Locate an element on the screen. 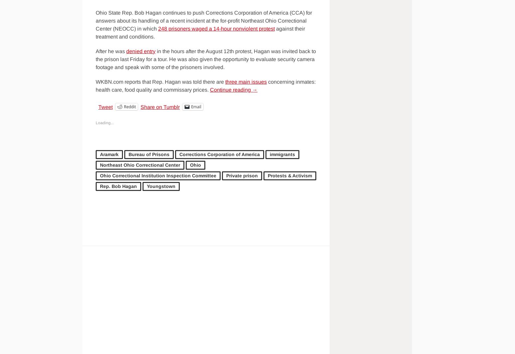  'Protests & Activism' is located at coordinates (290, 175).